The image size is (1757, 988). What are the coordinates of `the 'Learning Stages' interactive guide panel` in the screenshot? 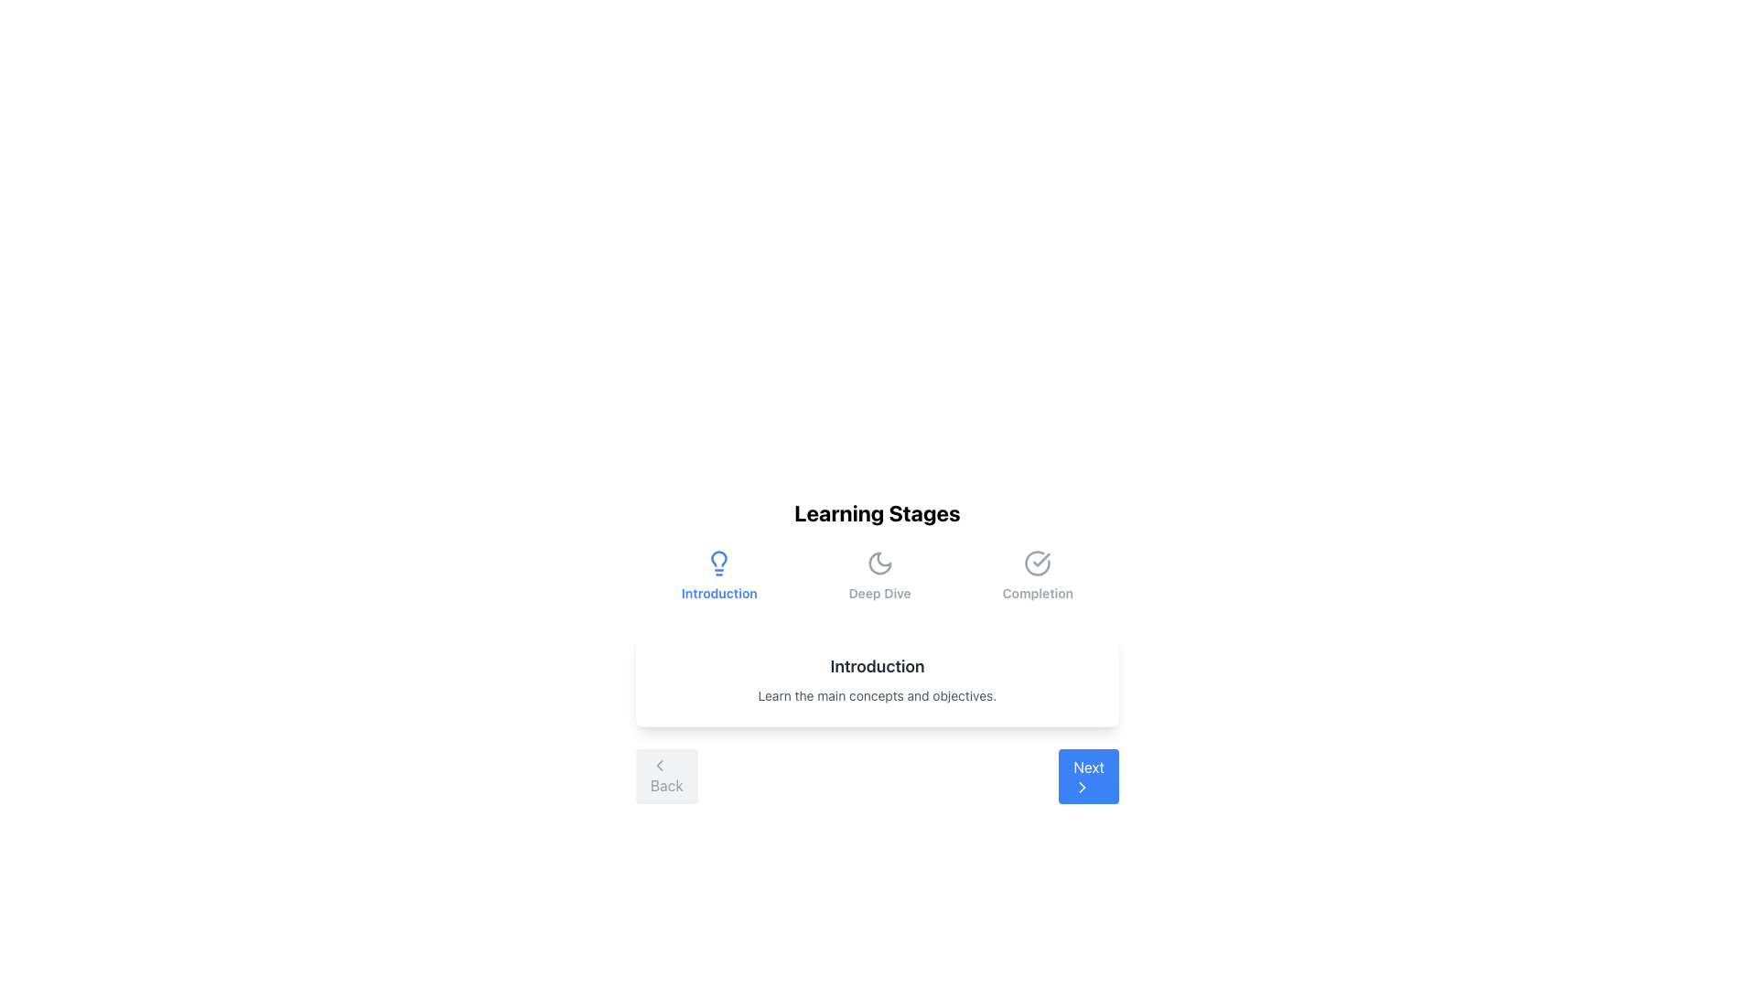 It's located at (877, 650).